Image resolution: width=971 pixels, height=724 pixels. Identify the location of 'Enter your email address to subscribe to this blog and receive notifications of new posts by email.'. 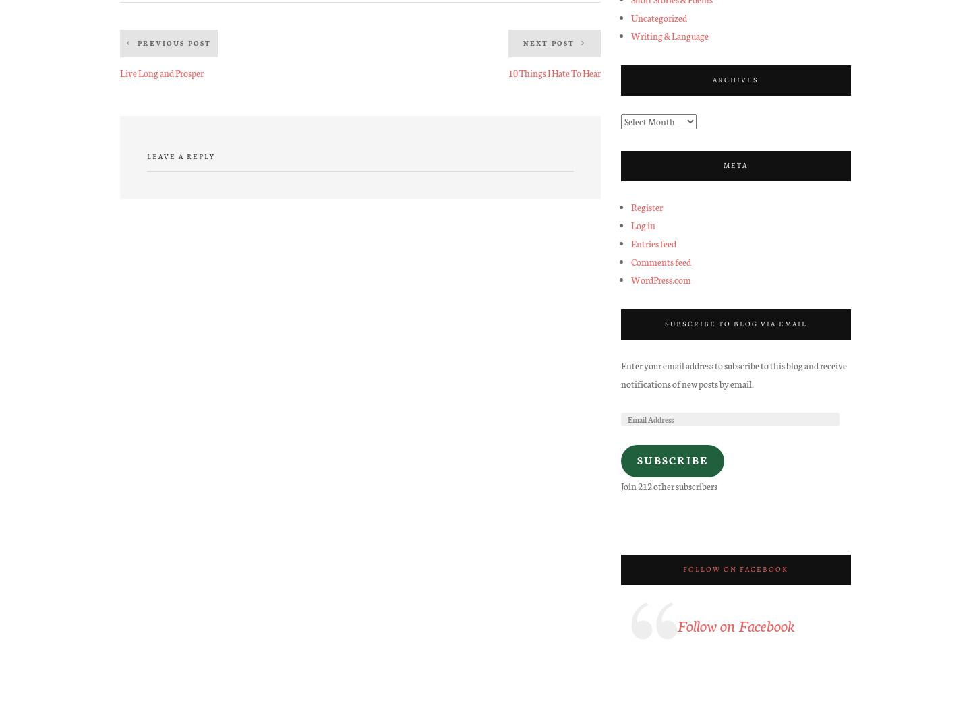
(620, 373).